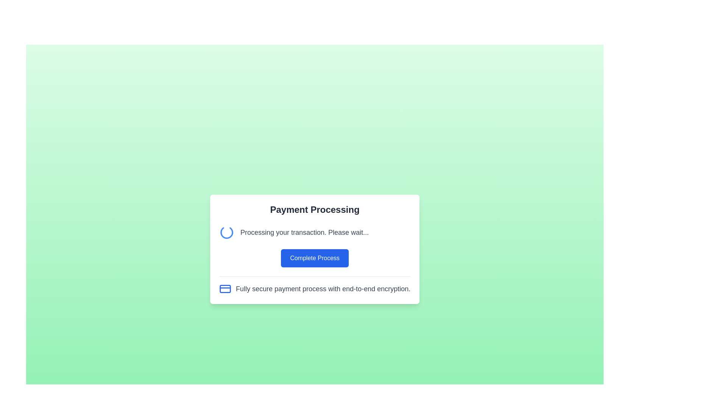 Image resolution: width=727 pixels, height=409 pixels. What do you see at coordinates (225, 289) in the screenshot?
I see `the secure payment icon located to the left of the message 'Fully secure payment process with end-to-end encryption.'` at bounding box center [225, 289].